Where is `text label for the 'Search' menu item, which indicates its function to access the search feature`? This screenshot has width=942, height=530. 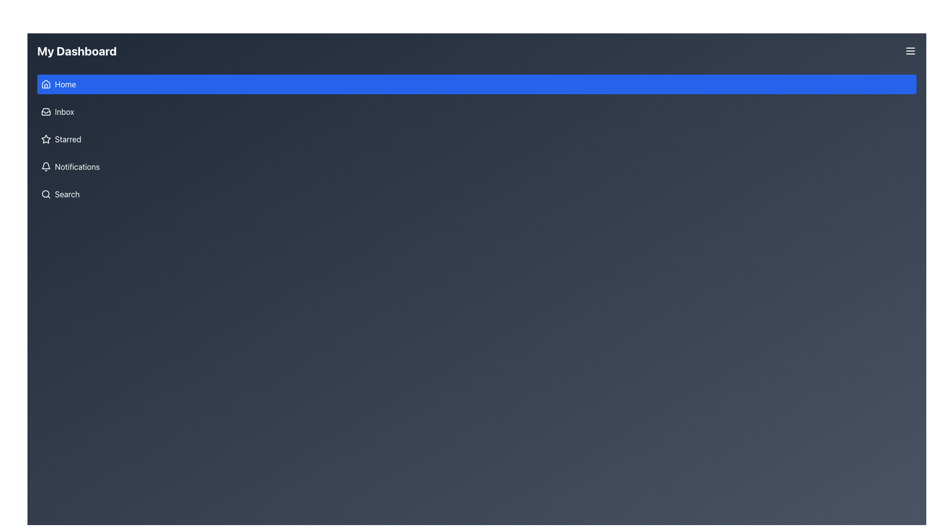 text label for the 'Search' menu item, which indicates its function to access the search feature is located at coordinates (67, 194).